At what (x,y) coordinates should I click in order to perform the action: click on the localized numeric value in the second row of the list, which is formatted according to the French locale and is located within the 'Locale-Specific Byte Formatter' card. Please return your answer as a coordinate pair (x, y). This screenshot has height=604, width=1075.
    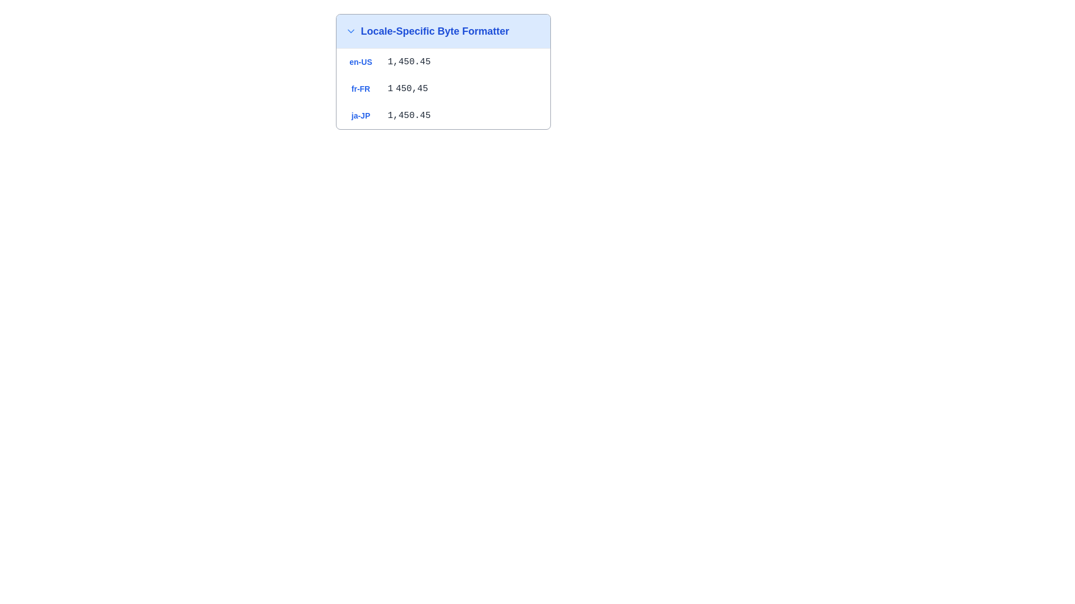
    Looking at the image, I should click on (442, 88).